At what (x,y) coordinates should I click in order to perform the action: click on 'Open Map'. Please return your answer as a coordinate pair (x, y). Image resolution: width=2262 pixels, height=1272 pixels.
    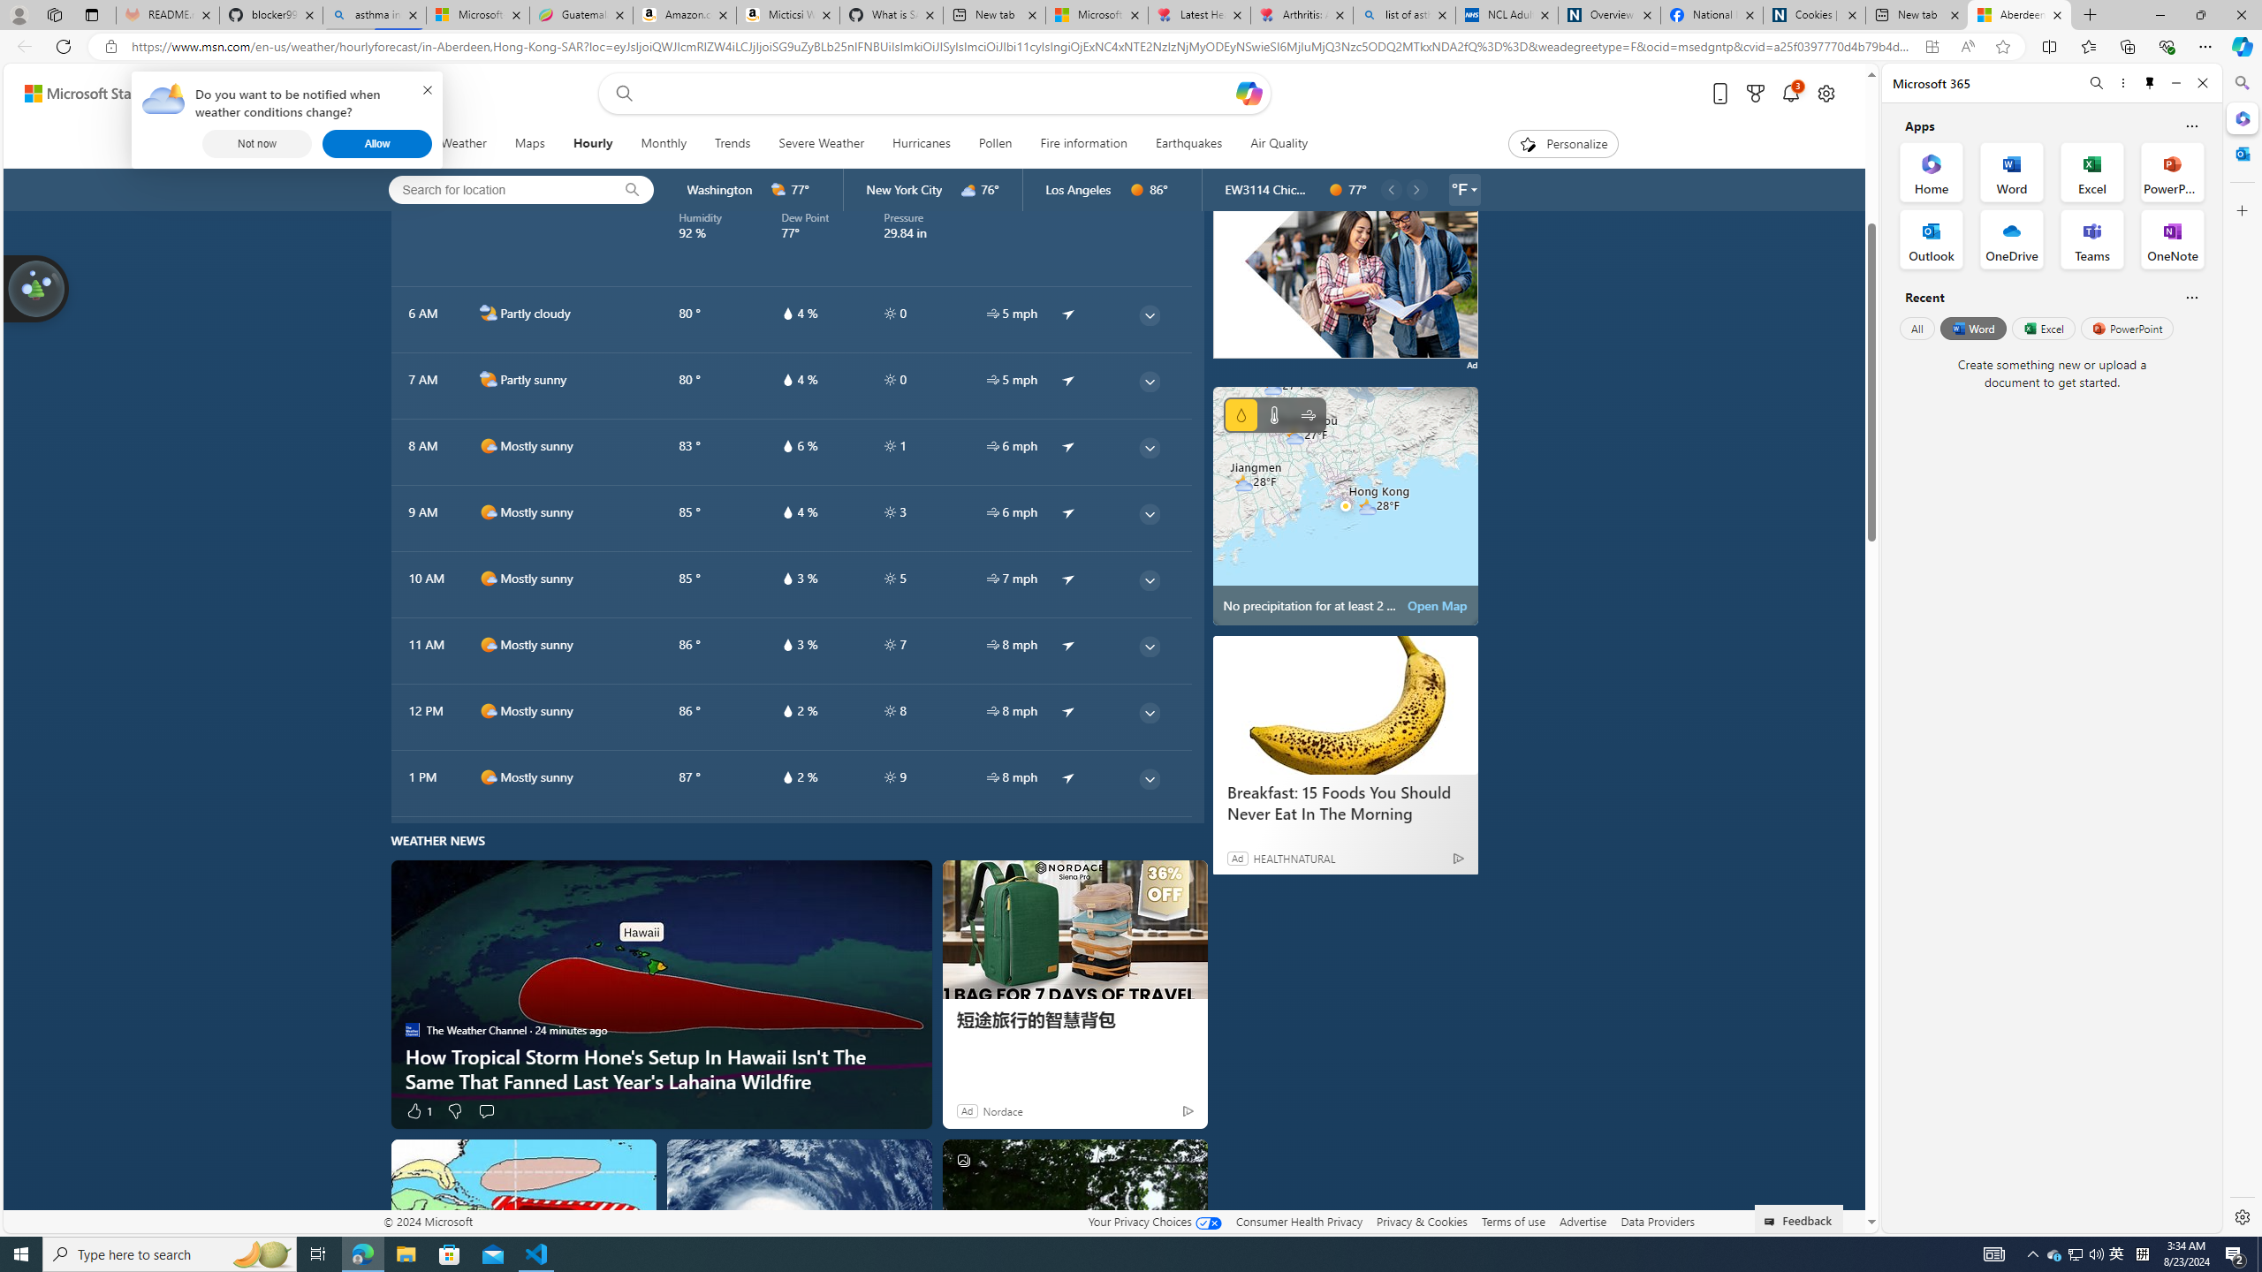
    Looking at the image, I should click on (1437, 605).